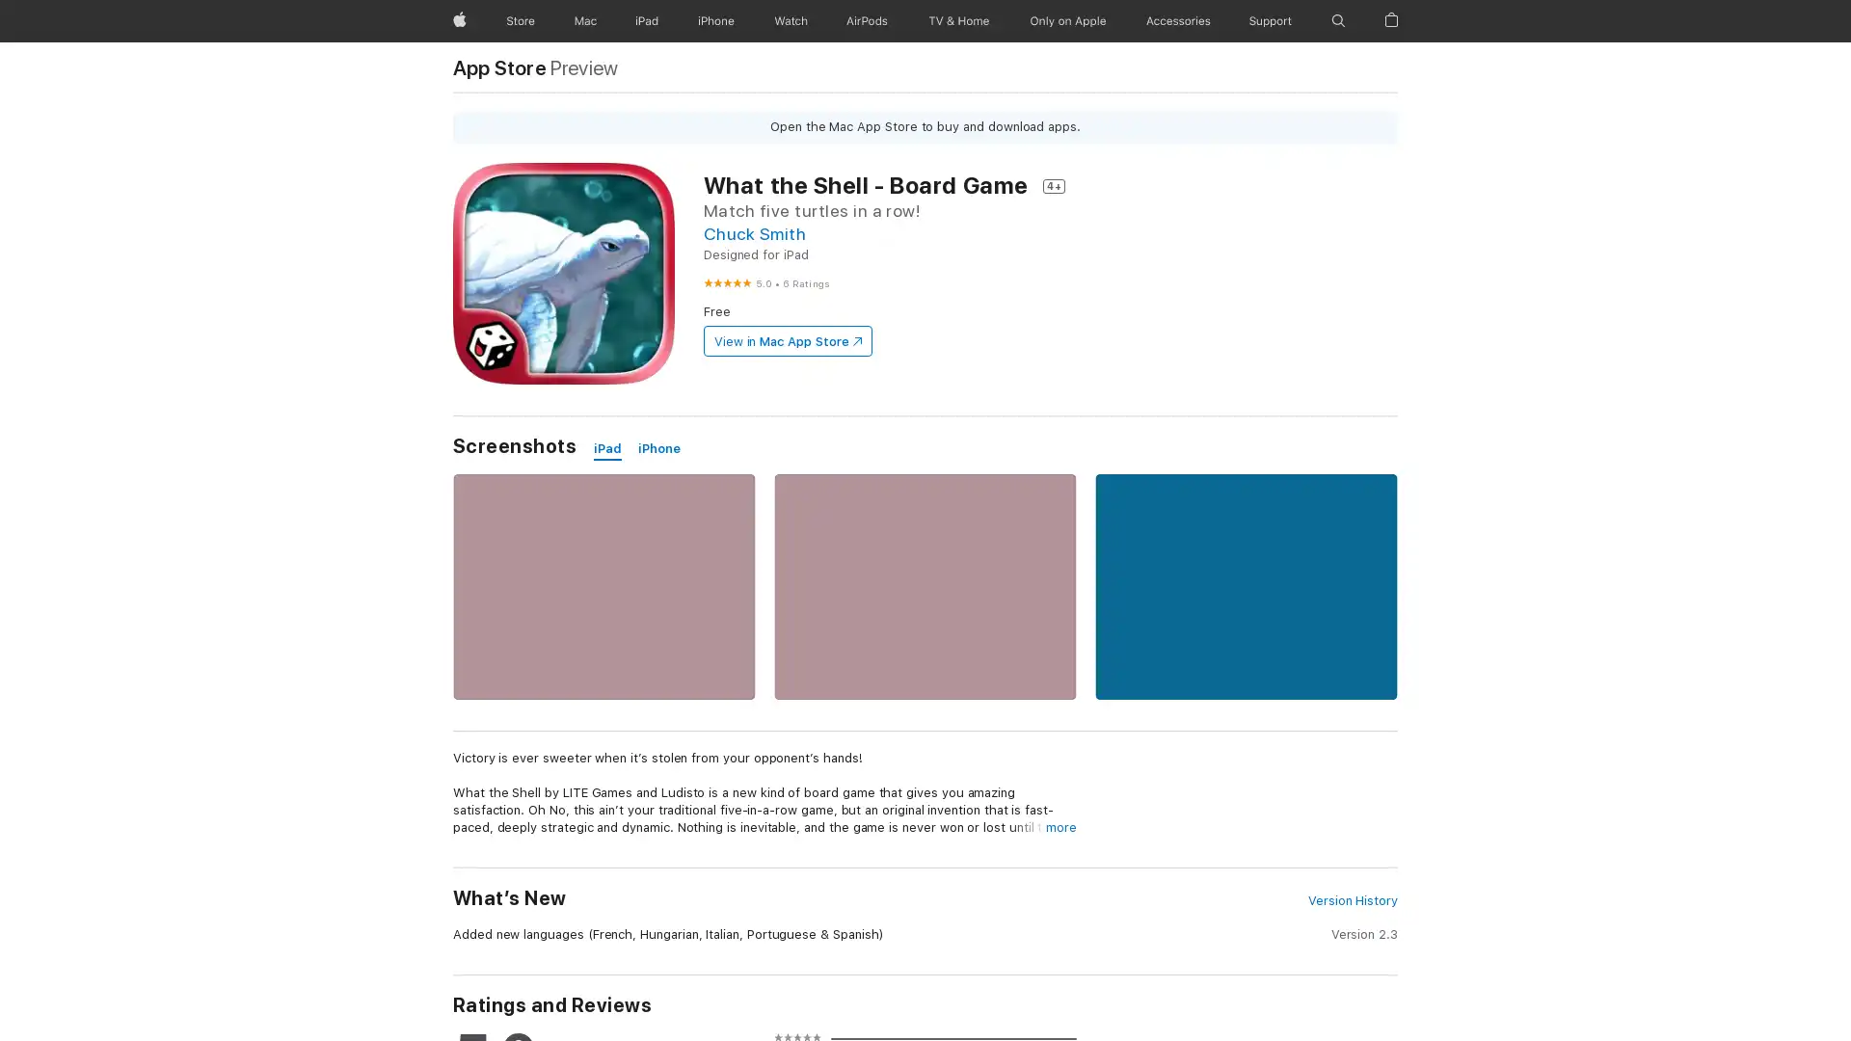 The image size is (1851, 1041). What do you see at coordinates (787, 340) in the screenshot?
I see `View in Mac App Store` at bounding box center [787, 340].